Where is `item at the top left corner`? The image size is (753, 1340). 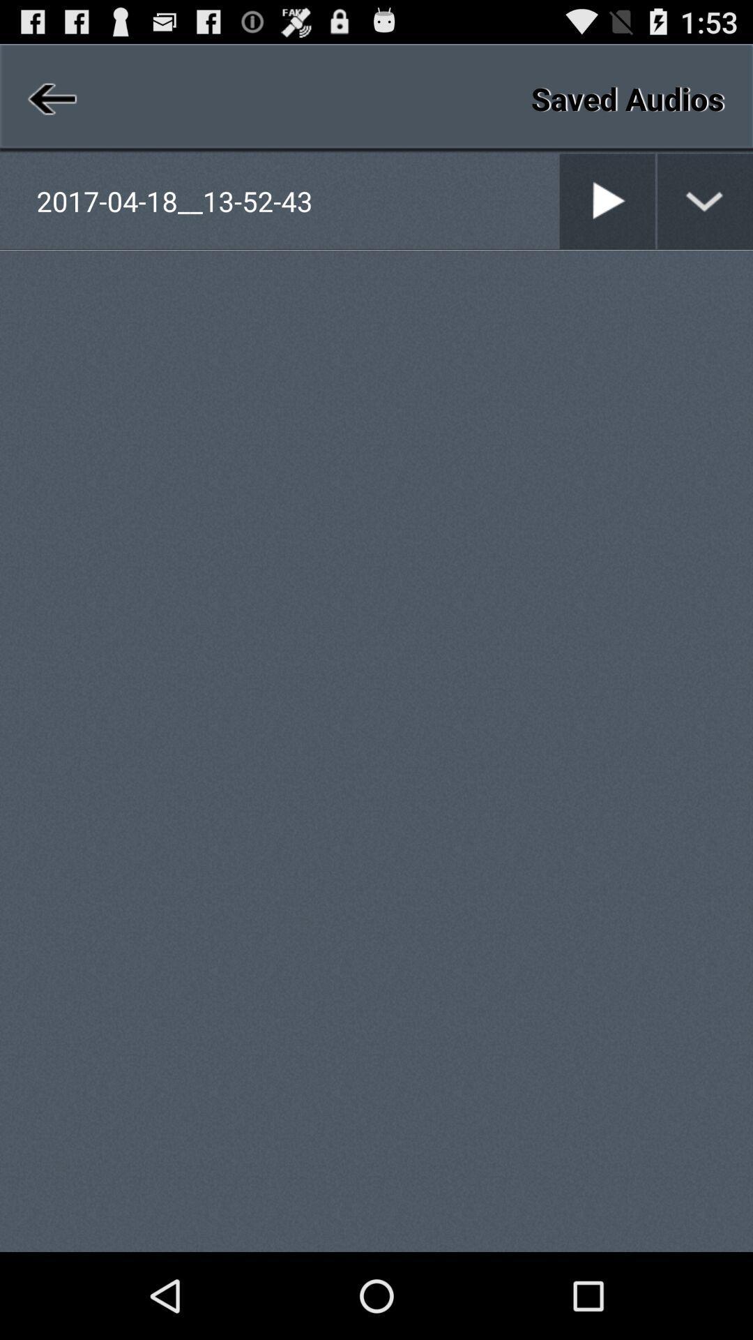 item at the top left corner is located at coordinates (50, 98).